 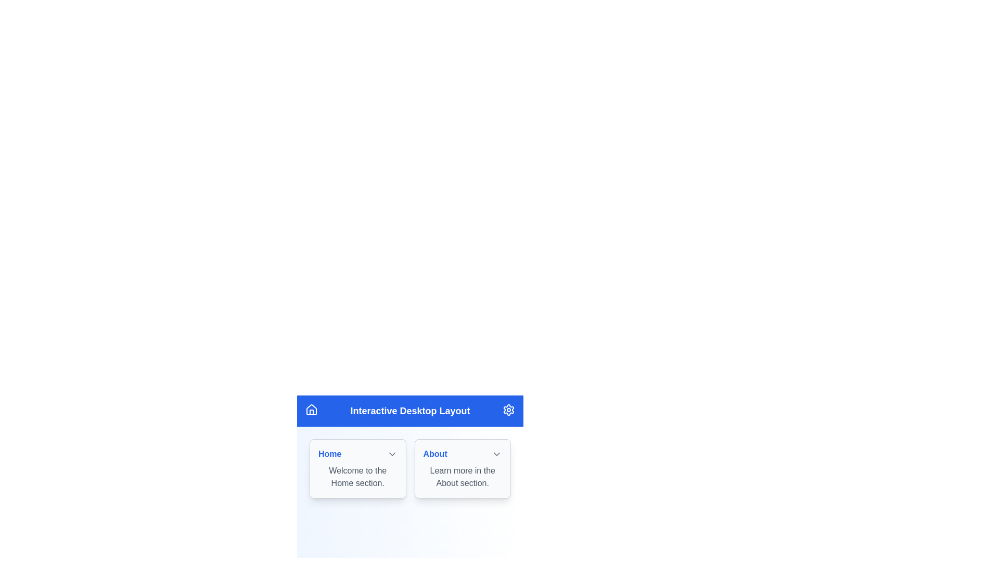 What do you see at coordinates (311, 408) in the screenshot?
I see `the Home icon located in the blue navigation bar at the top-left corner of the interface` at bounding box center [311, 408].